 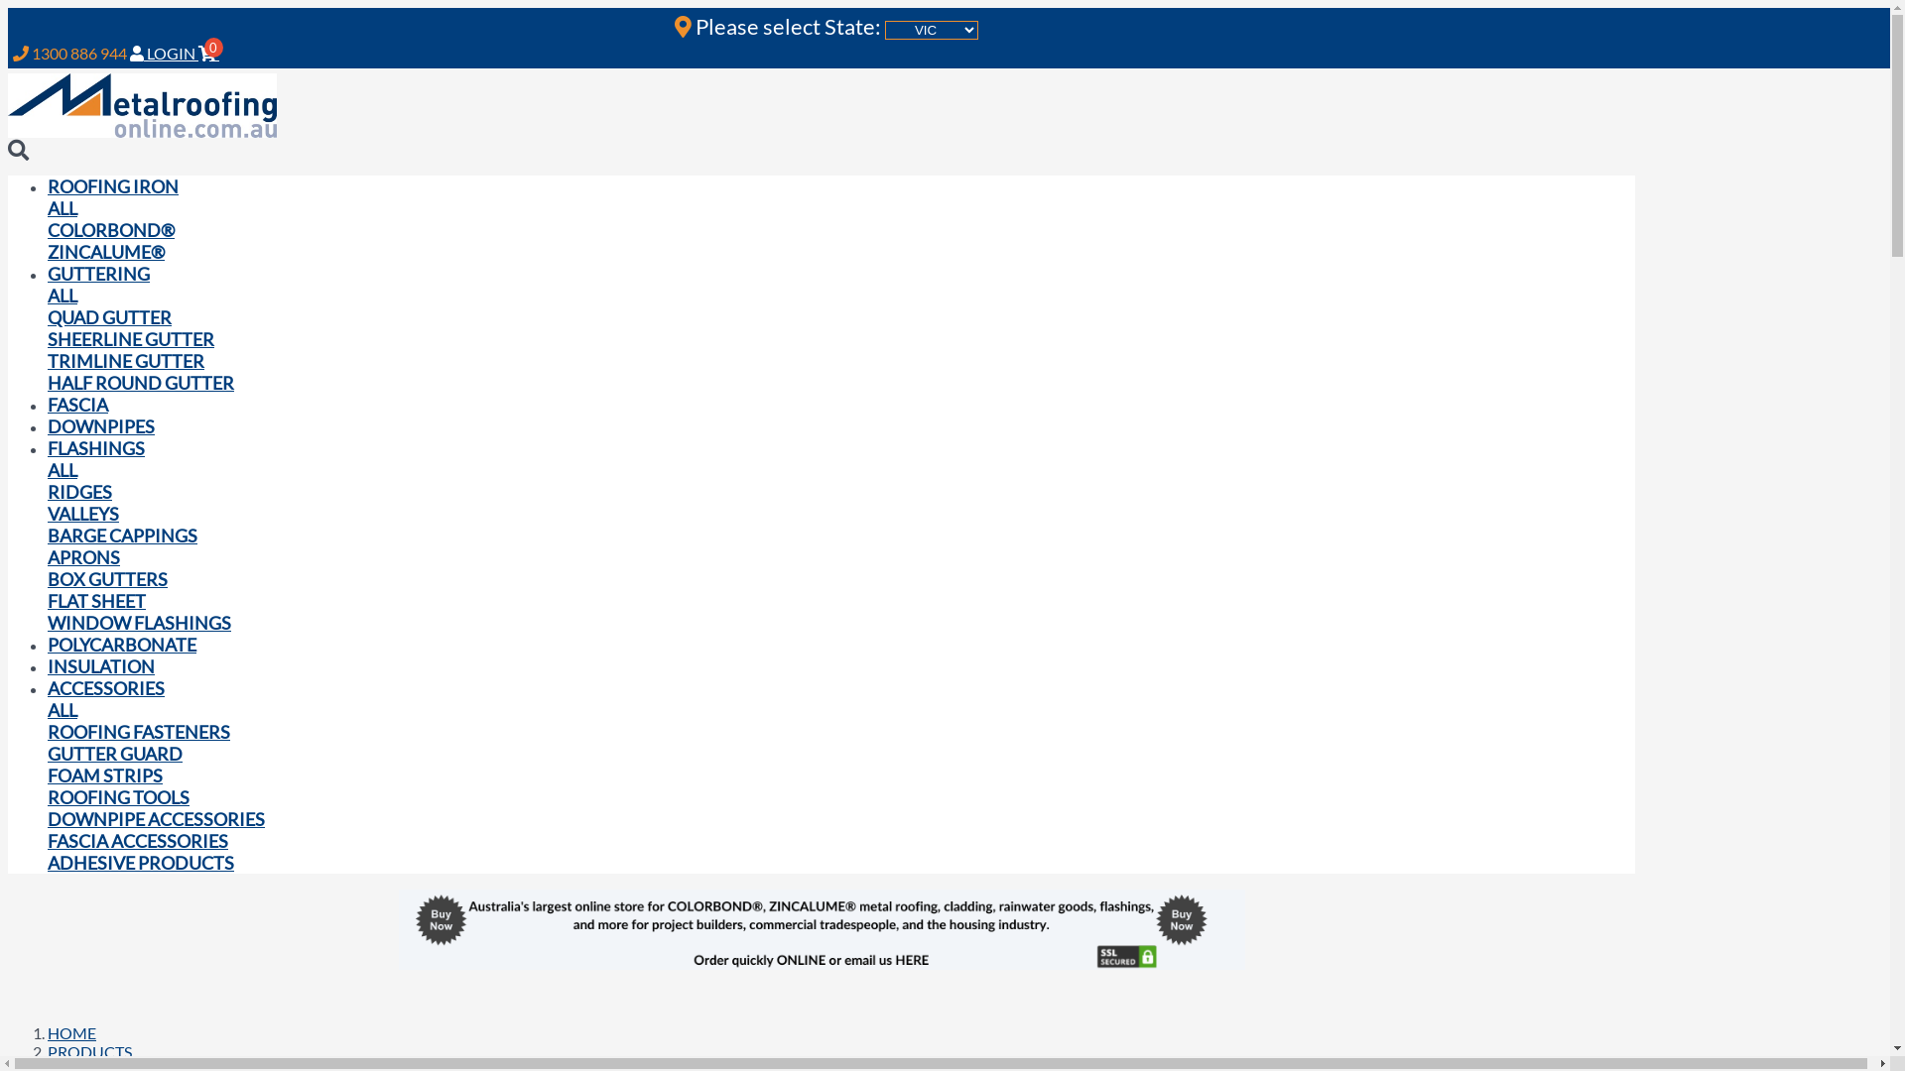 What do you see at coordinates (62, 709) in the screenshot?
I see `'ALL'` at bounding box center [62, 709].